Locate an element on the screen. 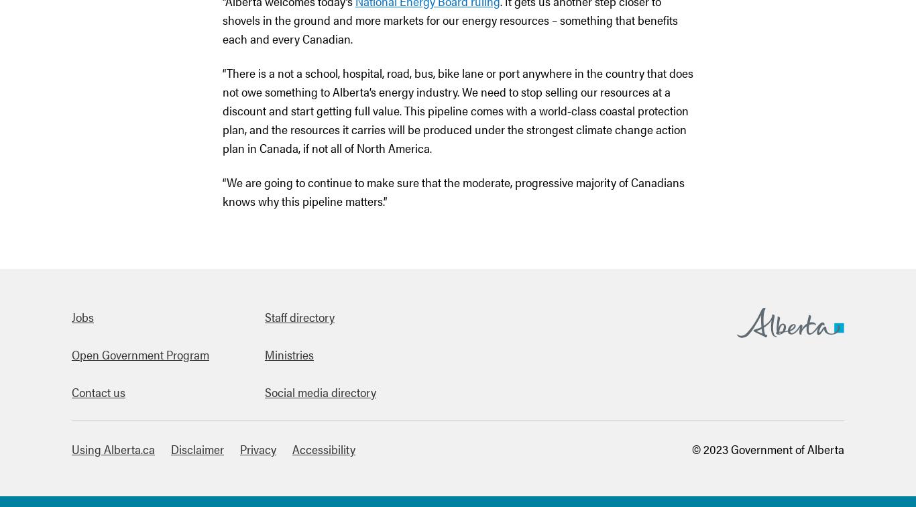  'Staff directory' is located at coordinates (298, 317).